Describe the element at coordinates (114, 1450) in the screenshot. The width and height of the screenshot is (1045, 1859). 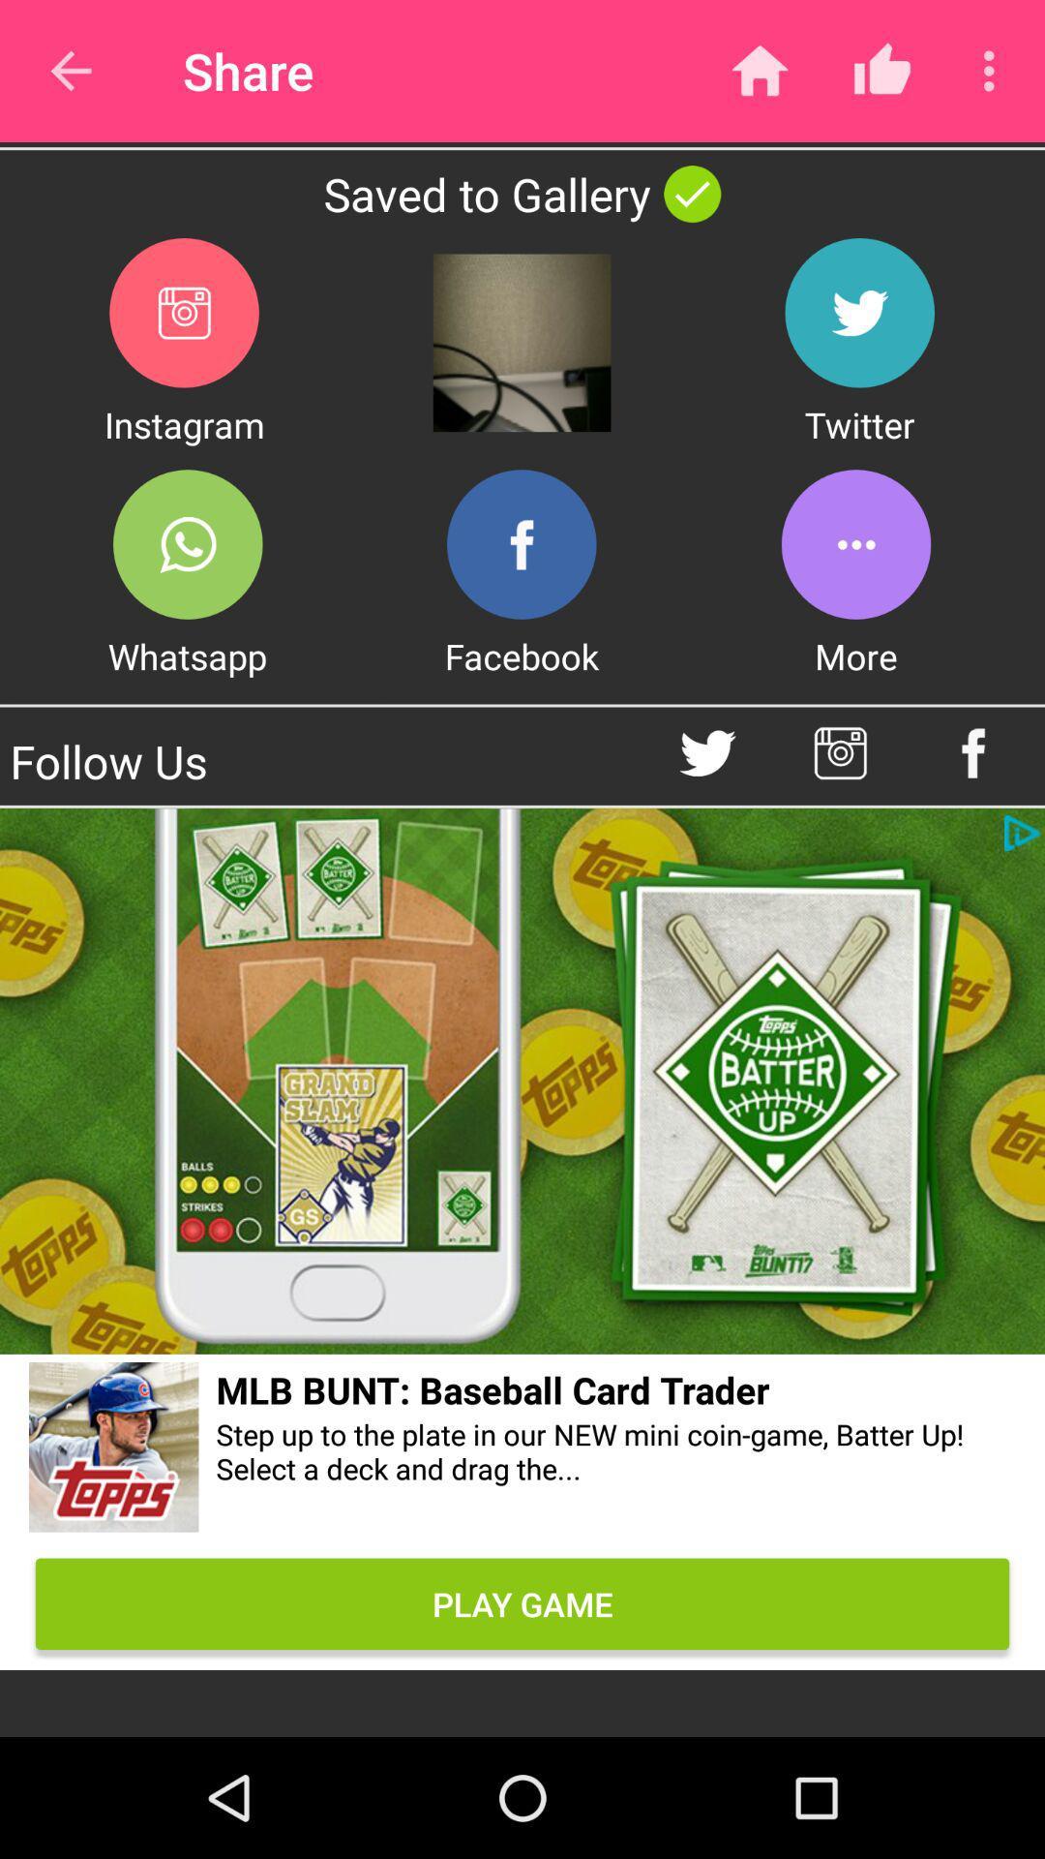
I see `open game suggestion` at that location.